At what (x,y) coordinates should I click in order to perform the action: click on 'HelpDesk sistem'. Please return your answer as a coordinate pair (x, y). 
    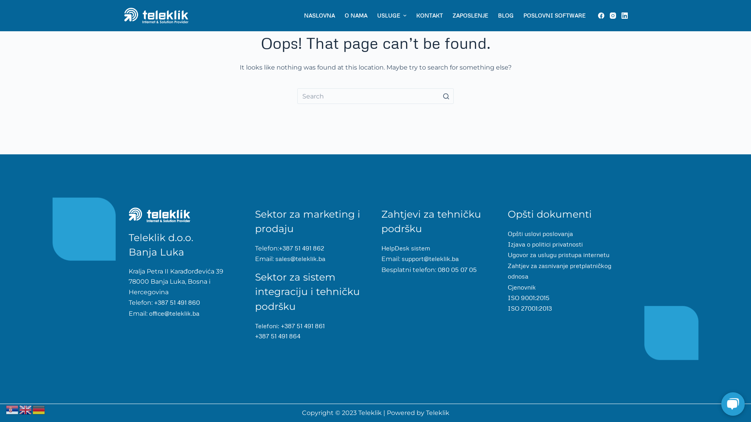
    Looking at the image, I should click on (406, 248).